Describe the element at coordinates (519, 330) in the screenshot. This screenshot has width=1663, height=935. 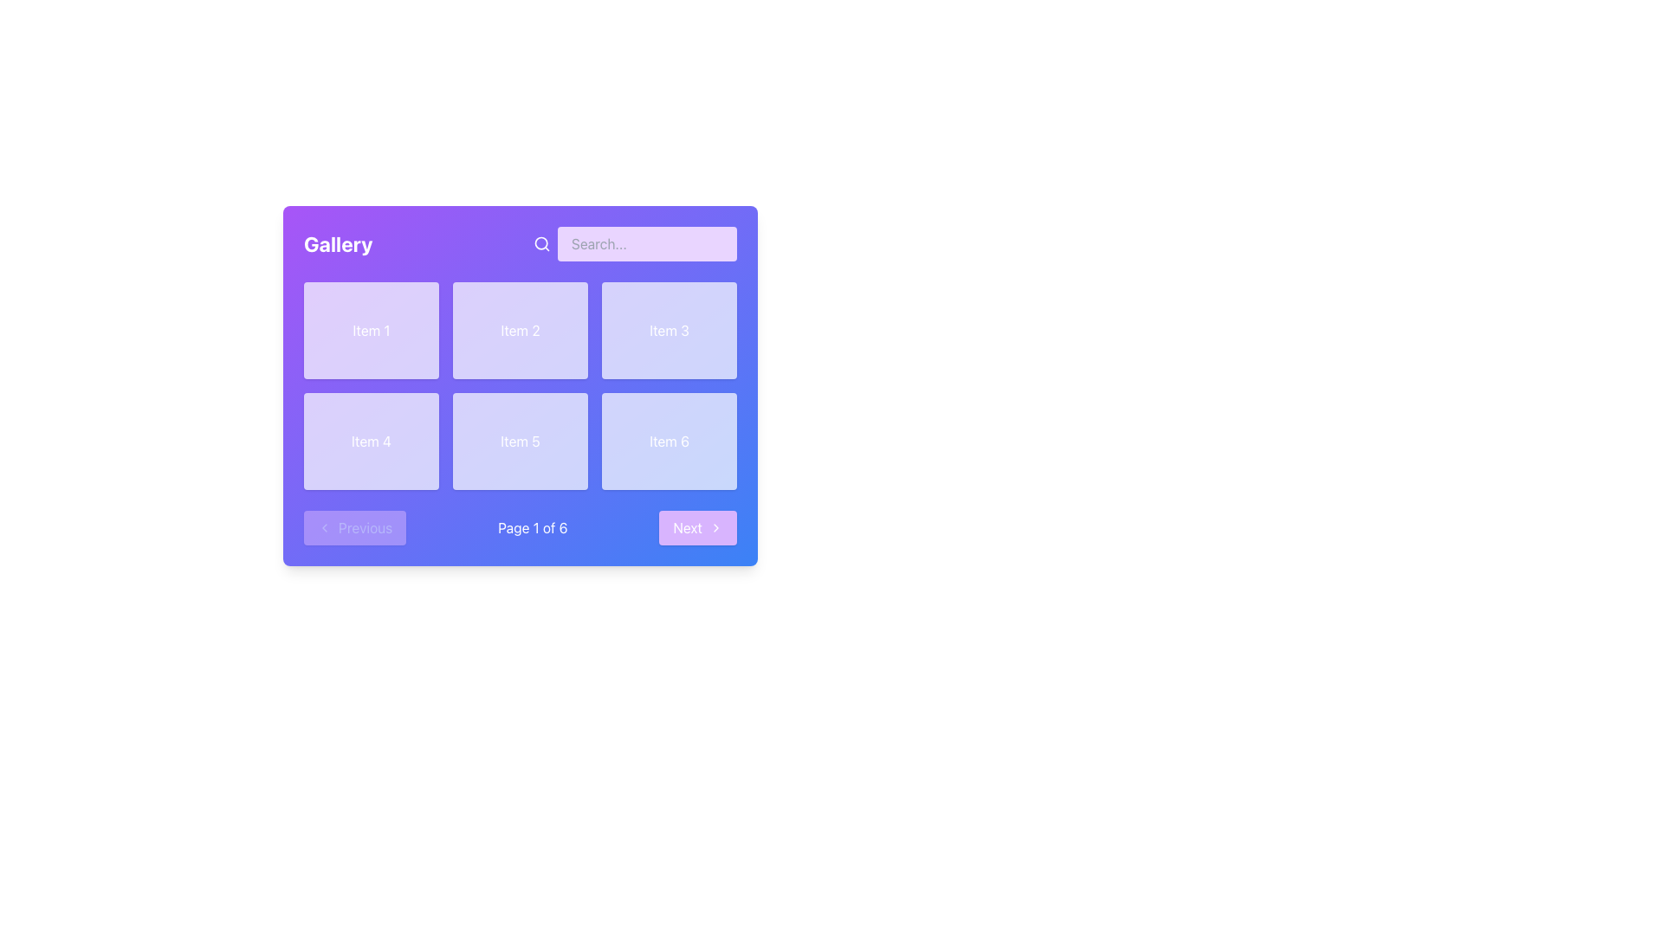
I see `the text label displaying 'Item 2' which is styled in white font on a lavender background, located in the middle of the first row of a 3x2 grid layout` at that location.